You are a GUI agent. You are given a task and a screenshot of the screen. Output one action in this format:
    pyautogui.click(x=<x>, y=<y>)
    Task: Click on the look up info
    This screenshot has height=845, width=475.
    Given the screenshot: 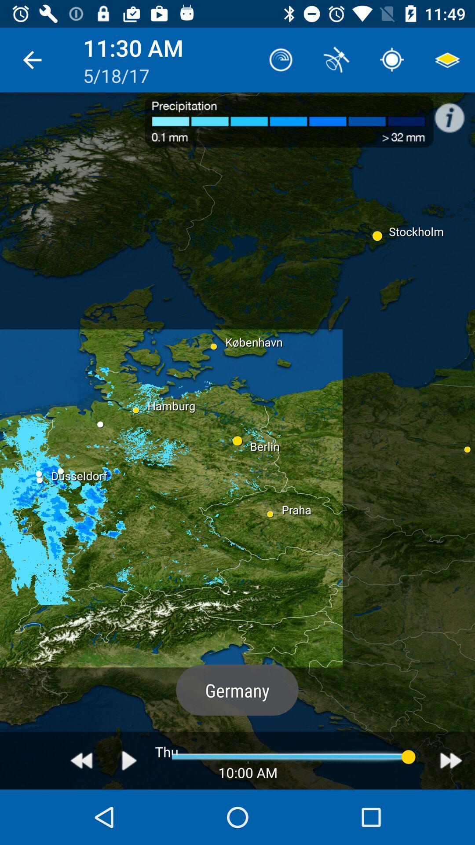 What is the action you would take?
    pyautogui.click(x=454, y=113)
    